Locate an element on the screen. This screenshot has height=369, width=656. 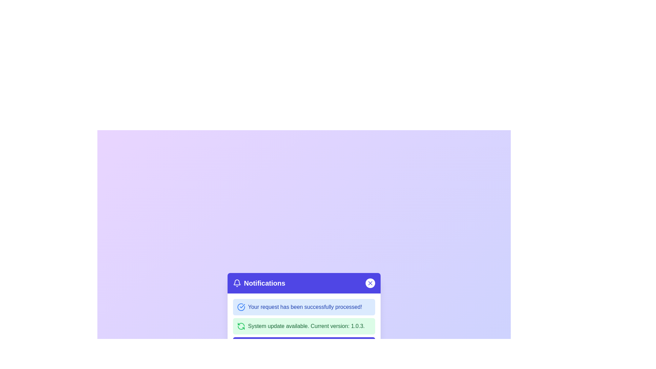
the Text label that serves as a title for the notifications section, located near the top center of the notification box, to trigger the tooltip or interaction is located at coordinates (264, 283).